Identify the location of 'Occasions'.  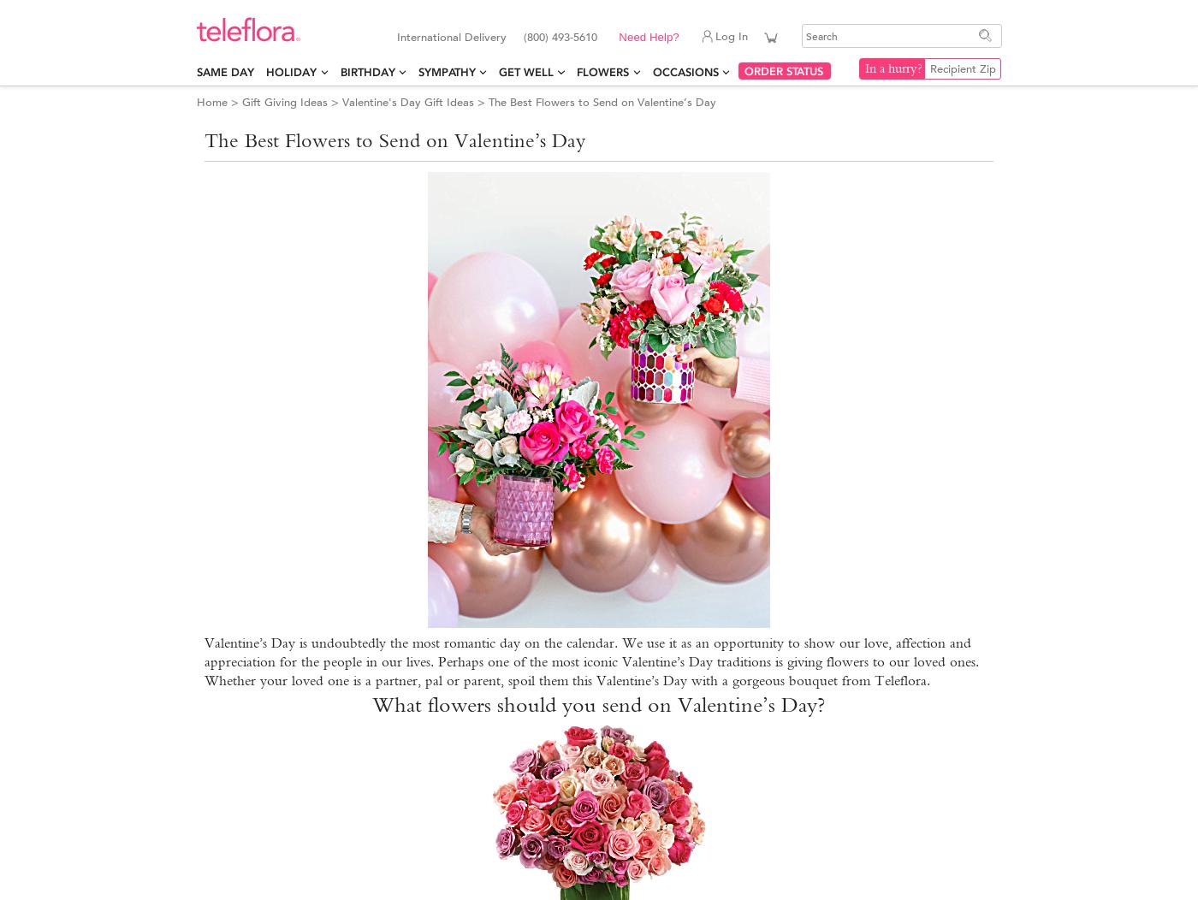
(685, 71).